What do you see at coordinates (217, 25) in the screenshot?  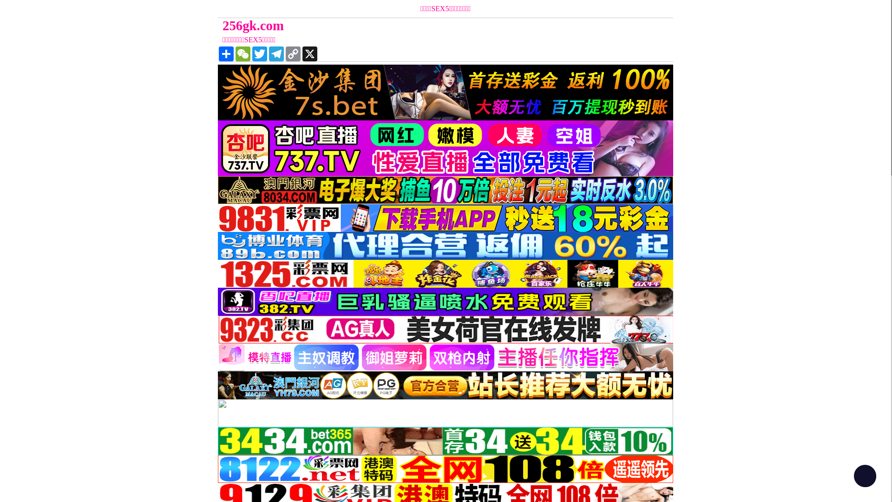 I see `'256gk.com'` at bounding box center [217, 25].